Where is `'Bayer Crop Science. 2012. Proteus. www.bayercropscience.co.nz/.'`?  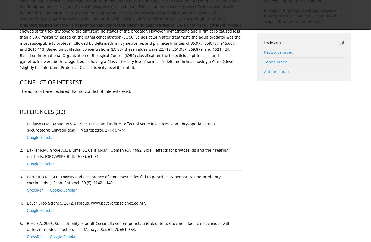 'Bayer Crop Science. 2012. Proteus. www.bayercropscience.co.nz/.' is located at coordinates (86, 203).